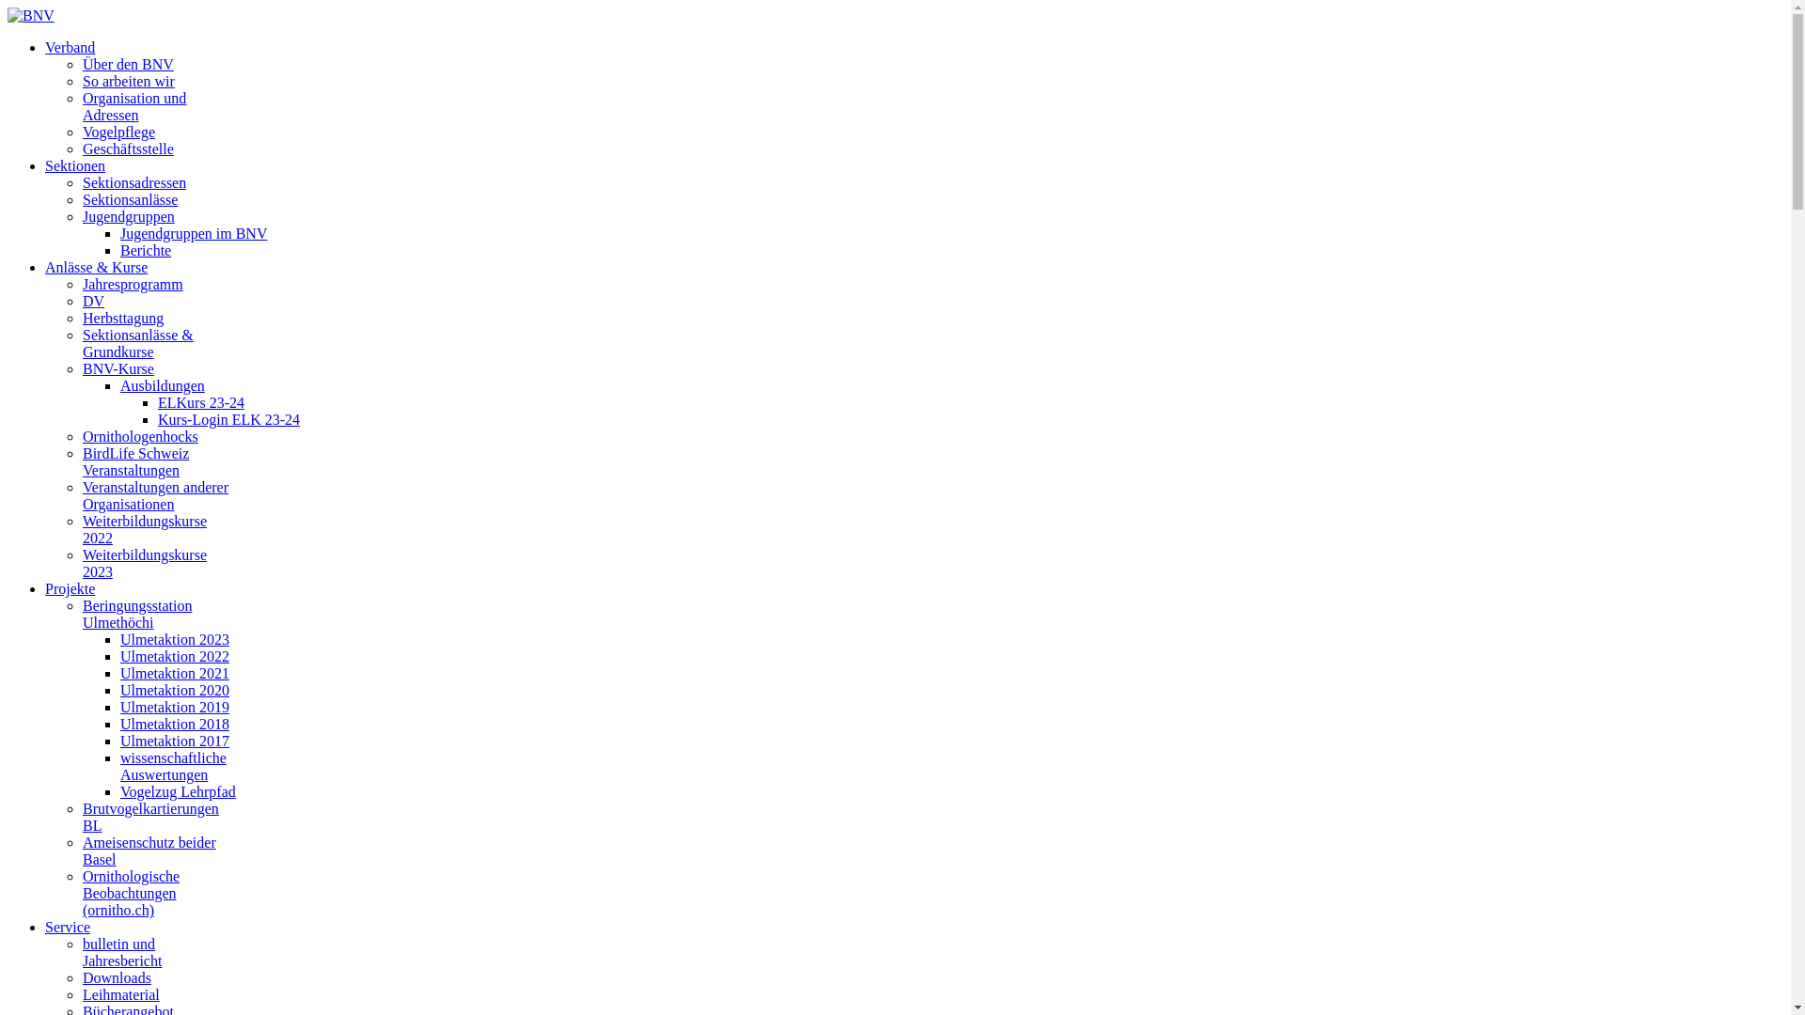 The width and height of the screenshot is (1805, 1015). What do you see at coordinates (132, 284) in the screenshot?
I see `'Jahresprogramm'` at bounding box center [132, 284].